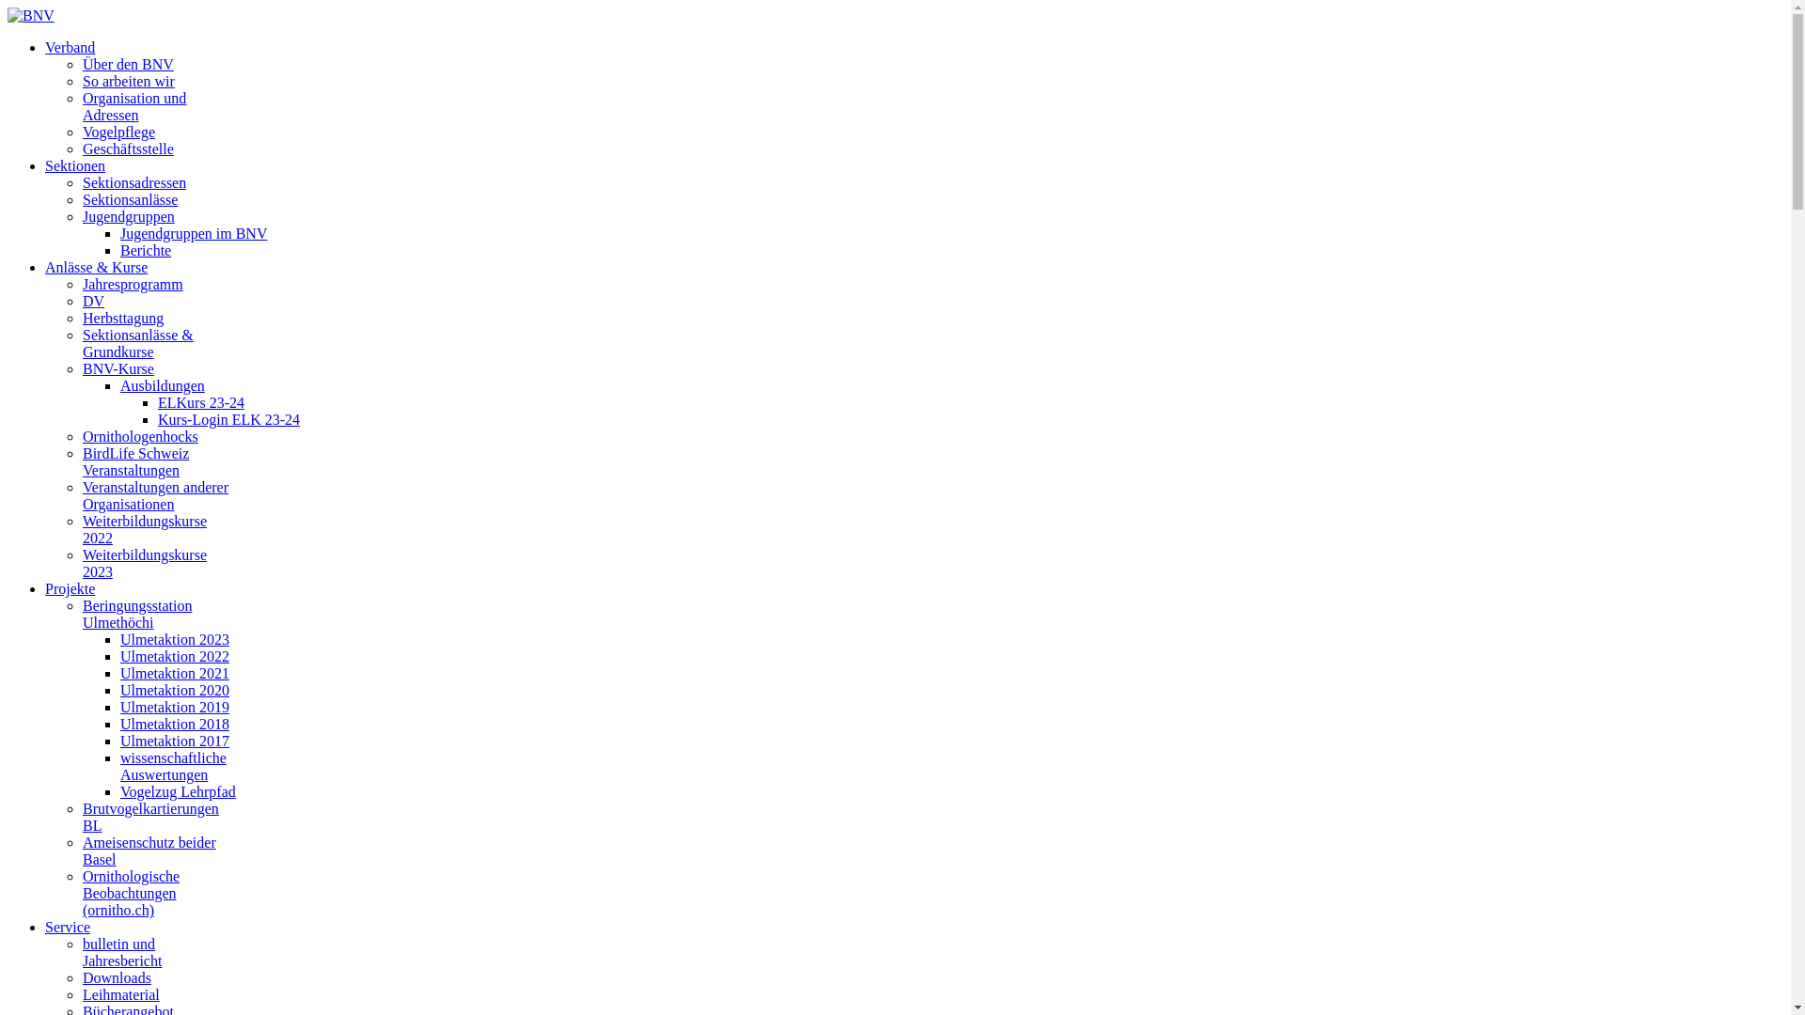 The width and height of the screenshot is (1805, 1015). What do you see at coordinates (132, 284) in the screenshot?
I see `'Jahresprogramm'` at bounding box center [132, 284].